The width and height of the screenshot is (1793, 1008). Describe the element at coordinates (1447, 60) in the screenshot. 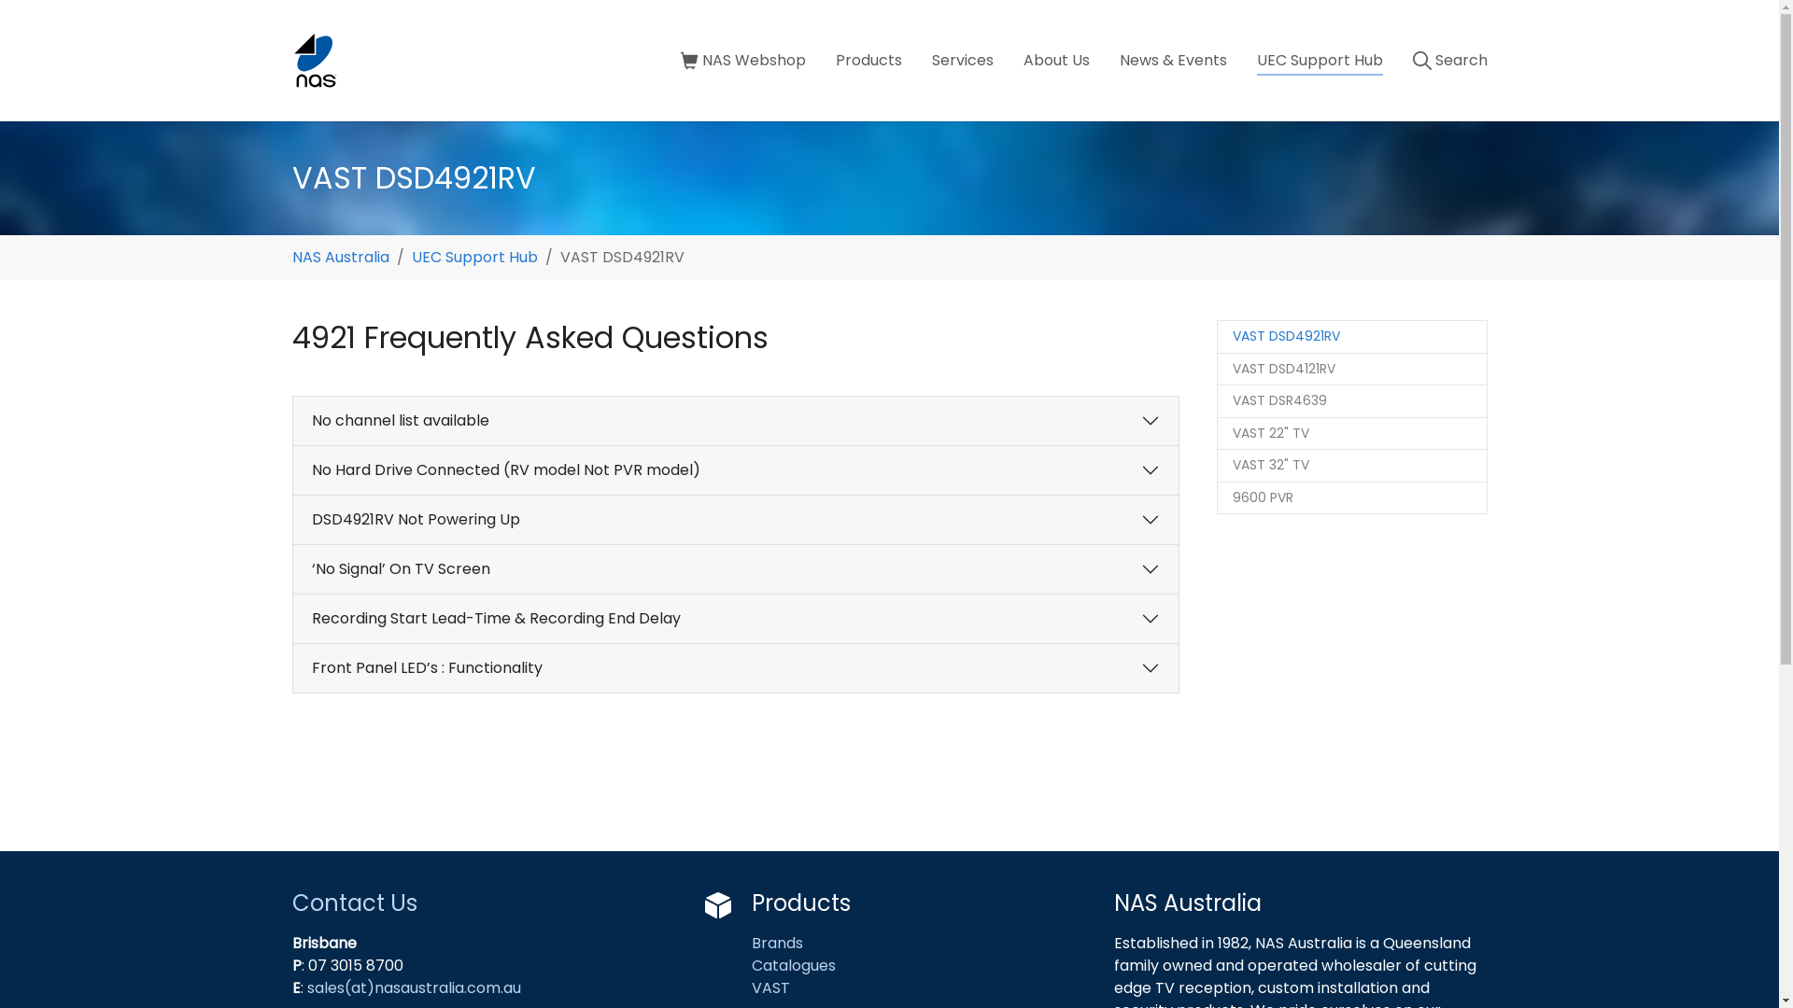

I see `'Search'` at that location.